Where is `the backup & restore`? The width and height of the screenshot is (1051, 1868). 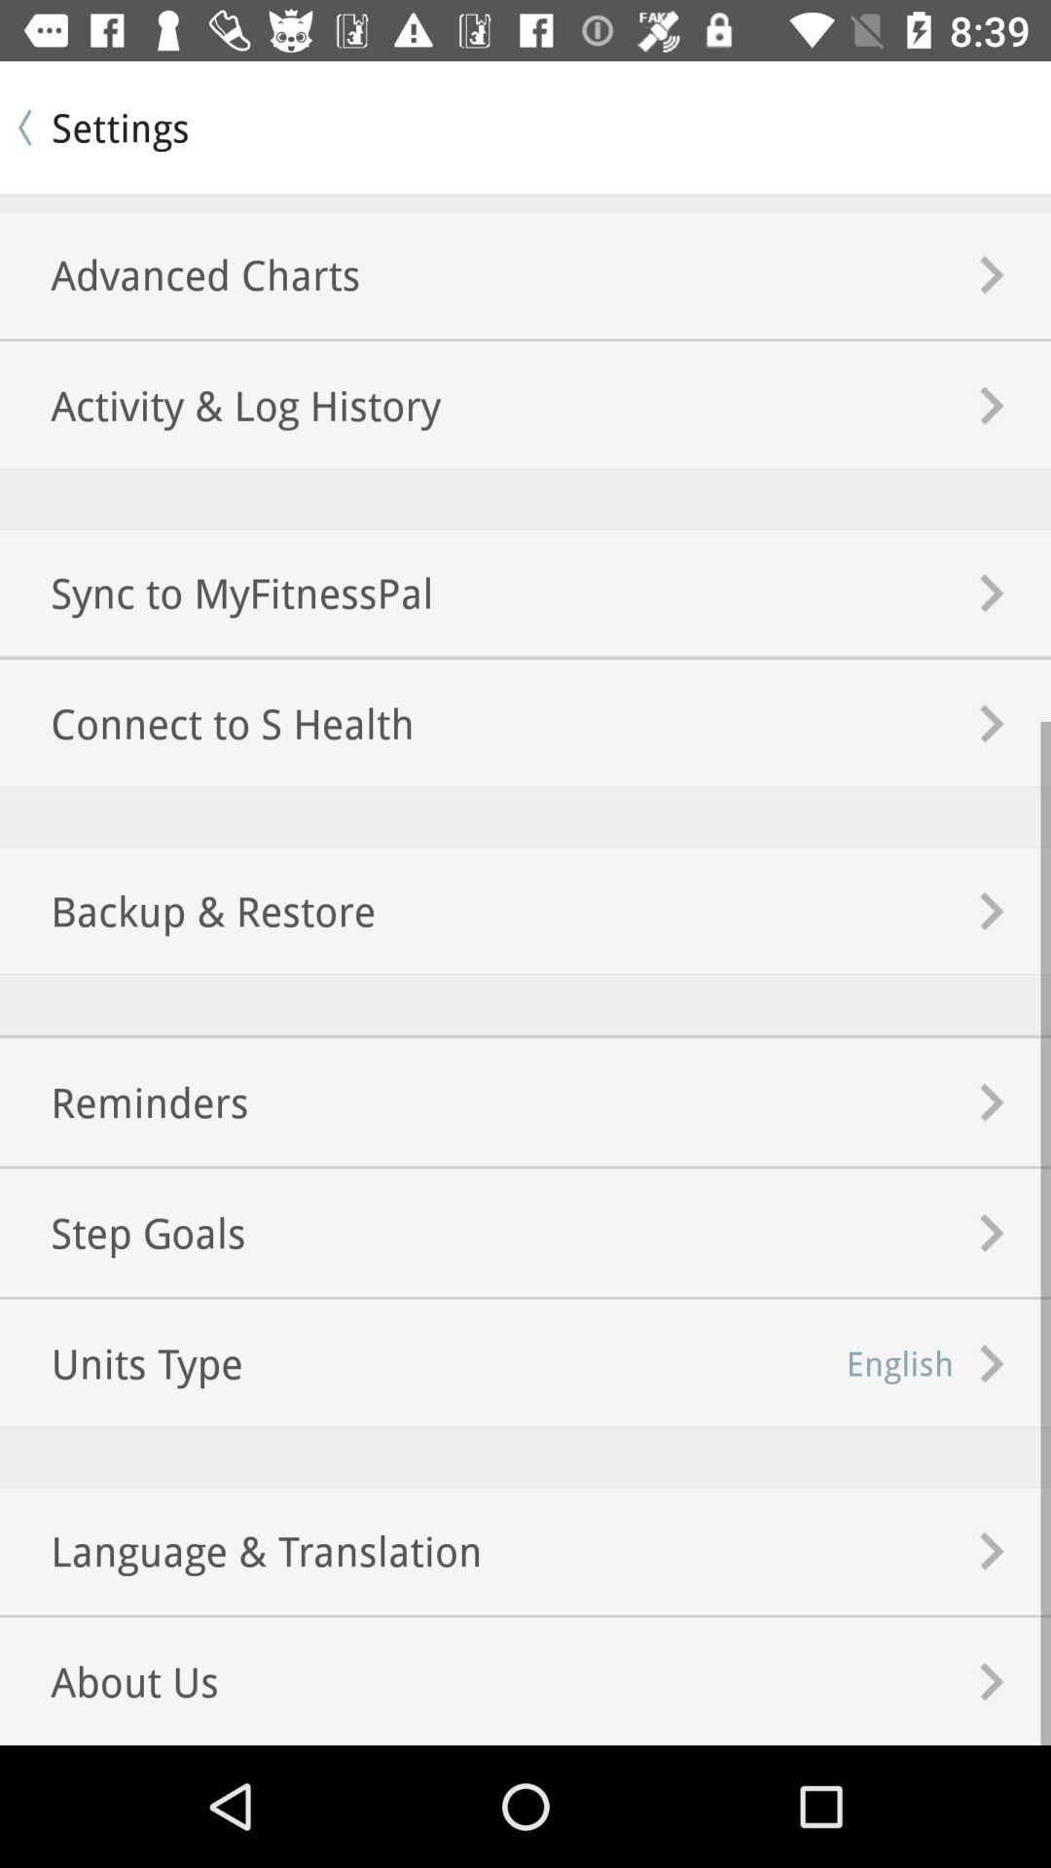 the backup & restore is located at coordinates (188, 910).